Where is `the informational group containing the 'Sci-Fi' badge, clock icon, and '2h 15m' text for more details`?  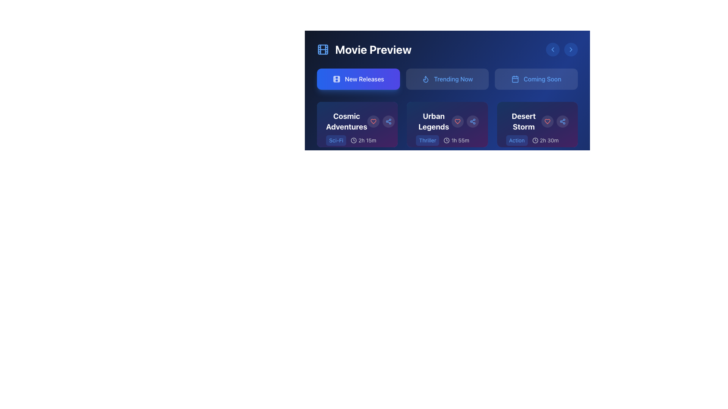 the informational group containing the 'Sci-Fi' badge, clock icon, and '2h 15m' text for more details is located at coordinates (357, 146).